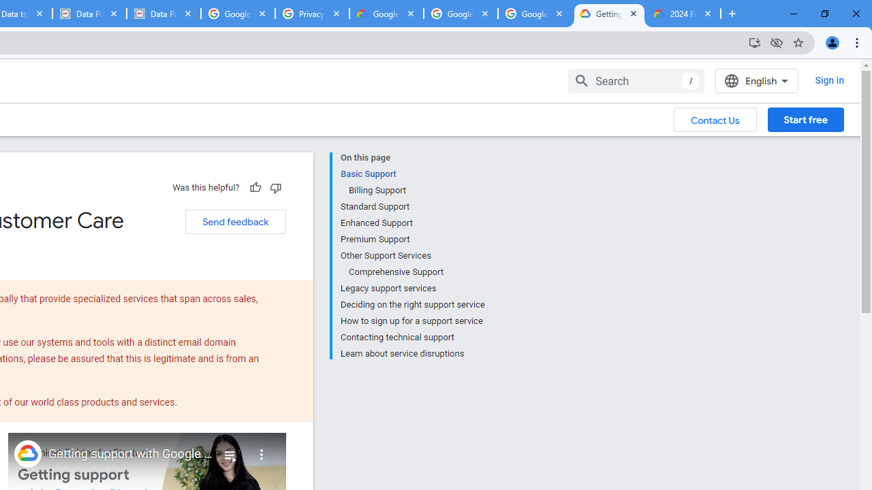 The height and width of the screenshot is (490, 872). What do you see at coordinates (275, 187) in the screenshot?
I see `'Not helpful'` at bounding box center [275, 187].